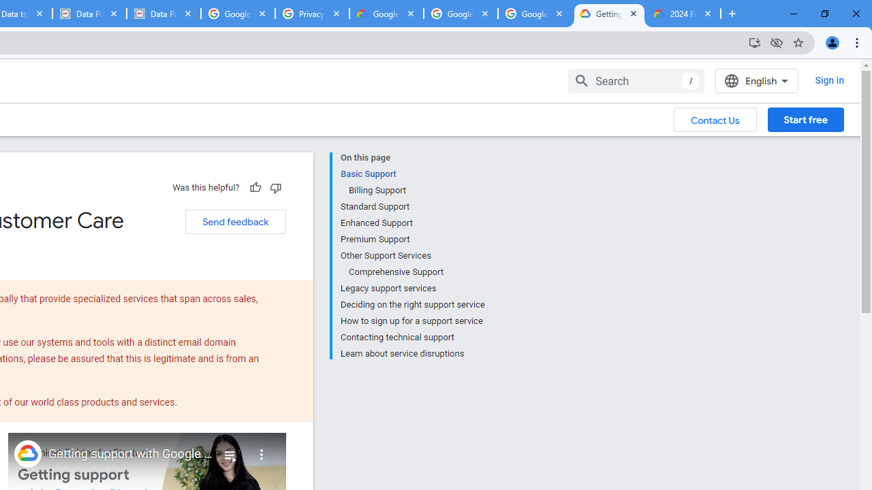 The height and width of the screenshot is (490, 872). What do you see at coordinates (275, 187) in the screenshot?
I see `'Not helpful'` at bounding box center [275, 187].